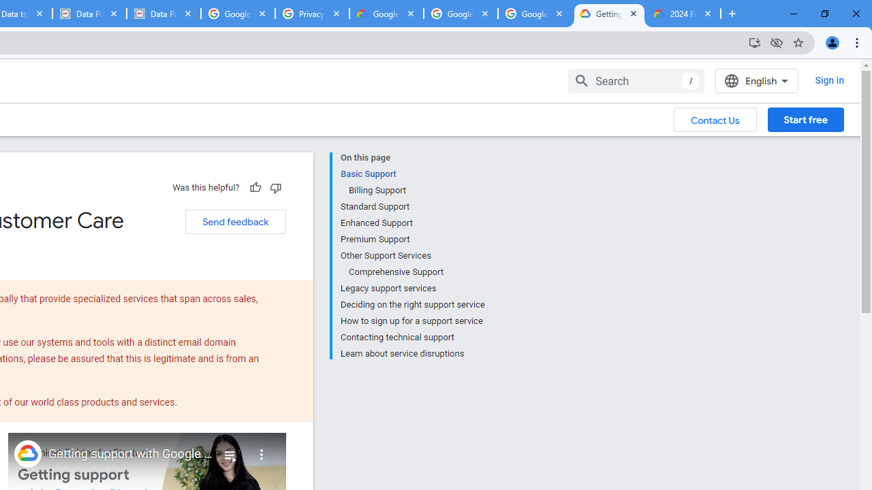 The height and width of the screenshot is (490, 872). What do you see at coordinates (275, 187) in the screenshot?
I see `'Not helpful'` at bounding box center [275, 187].